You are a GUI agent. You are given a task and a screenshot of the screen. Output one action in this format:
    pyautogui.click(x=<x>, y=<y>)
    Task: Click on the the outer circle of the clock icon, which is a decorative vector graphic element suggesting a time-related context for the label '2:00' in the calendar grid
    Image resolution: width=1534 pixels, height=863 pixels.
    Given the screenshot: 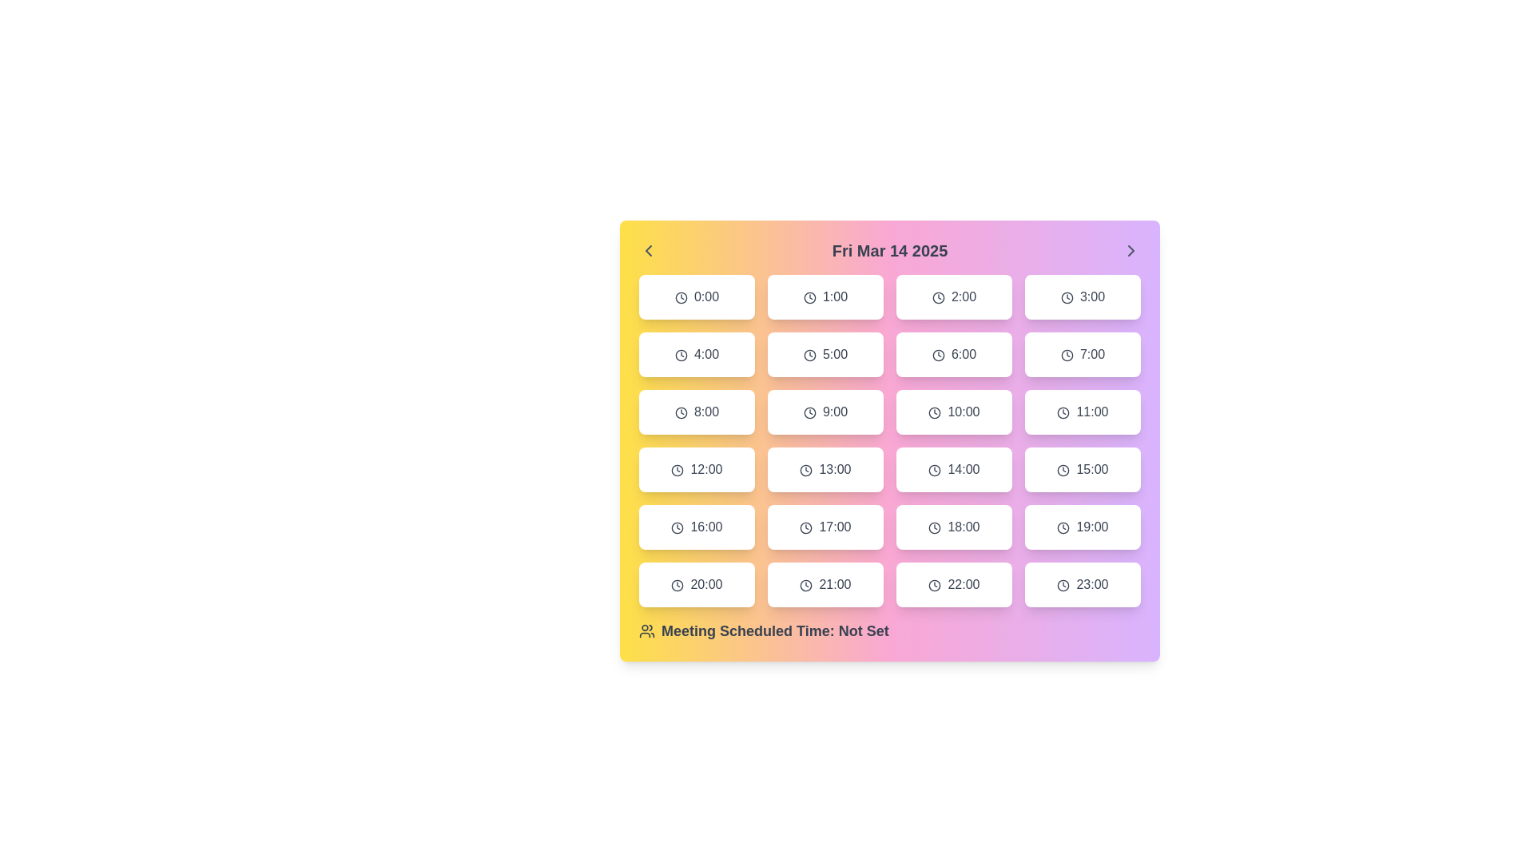 What is the action you would take?
    pyautogui.click(x=938, y=297)
    